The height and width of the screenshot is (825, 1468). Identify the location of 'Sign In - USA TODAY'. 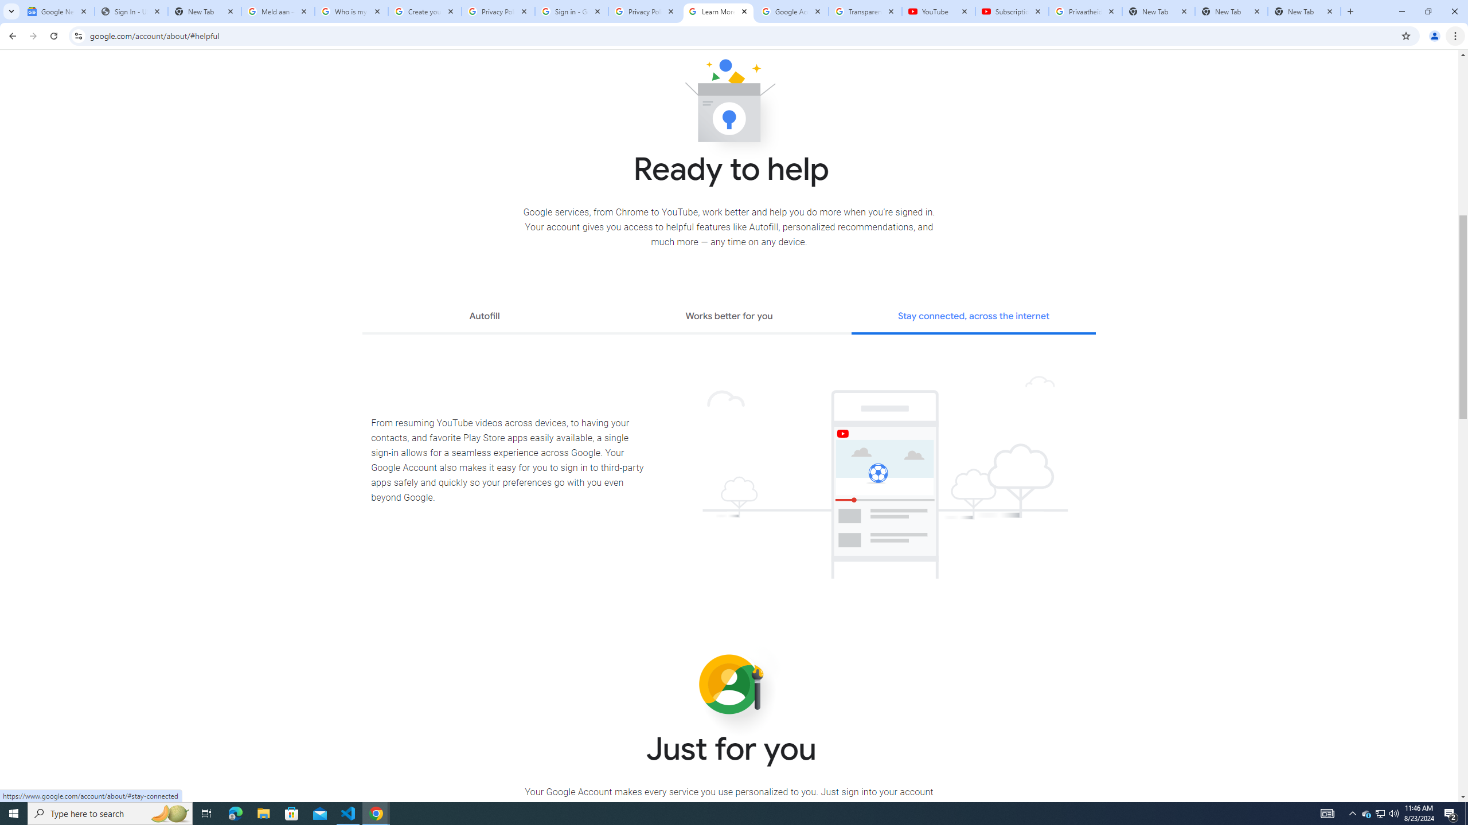
(131, 11).